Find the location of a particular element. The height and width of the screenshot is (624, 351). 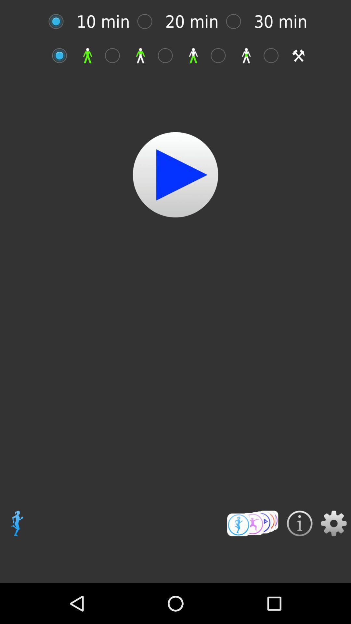

set the time 20 mins to work out is located at coordinates (148, 21).